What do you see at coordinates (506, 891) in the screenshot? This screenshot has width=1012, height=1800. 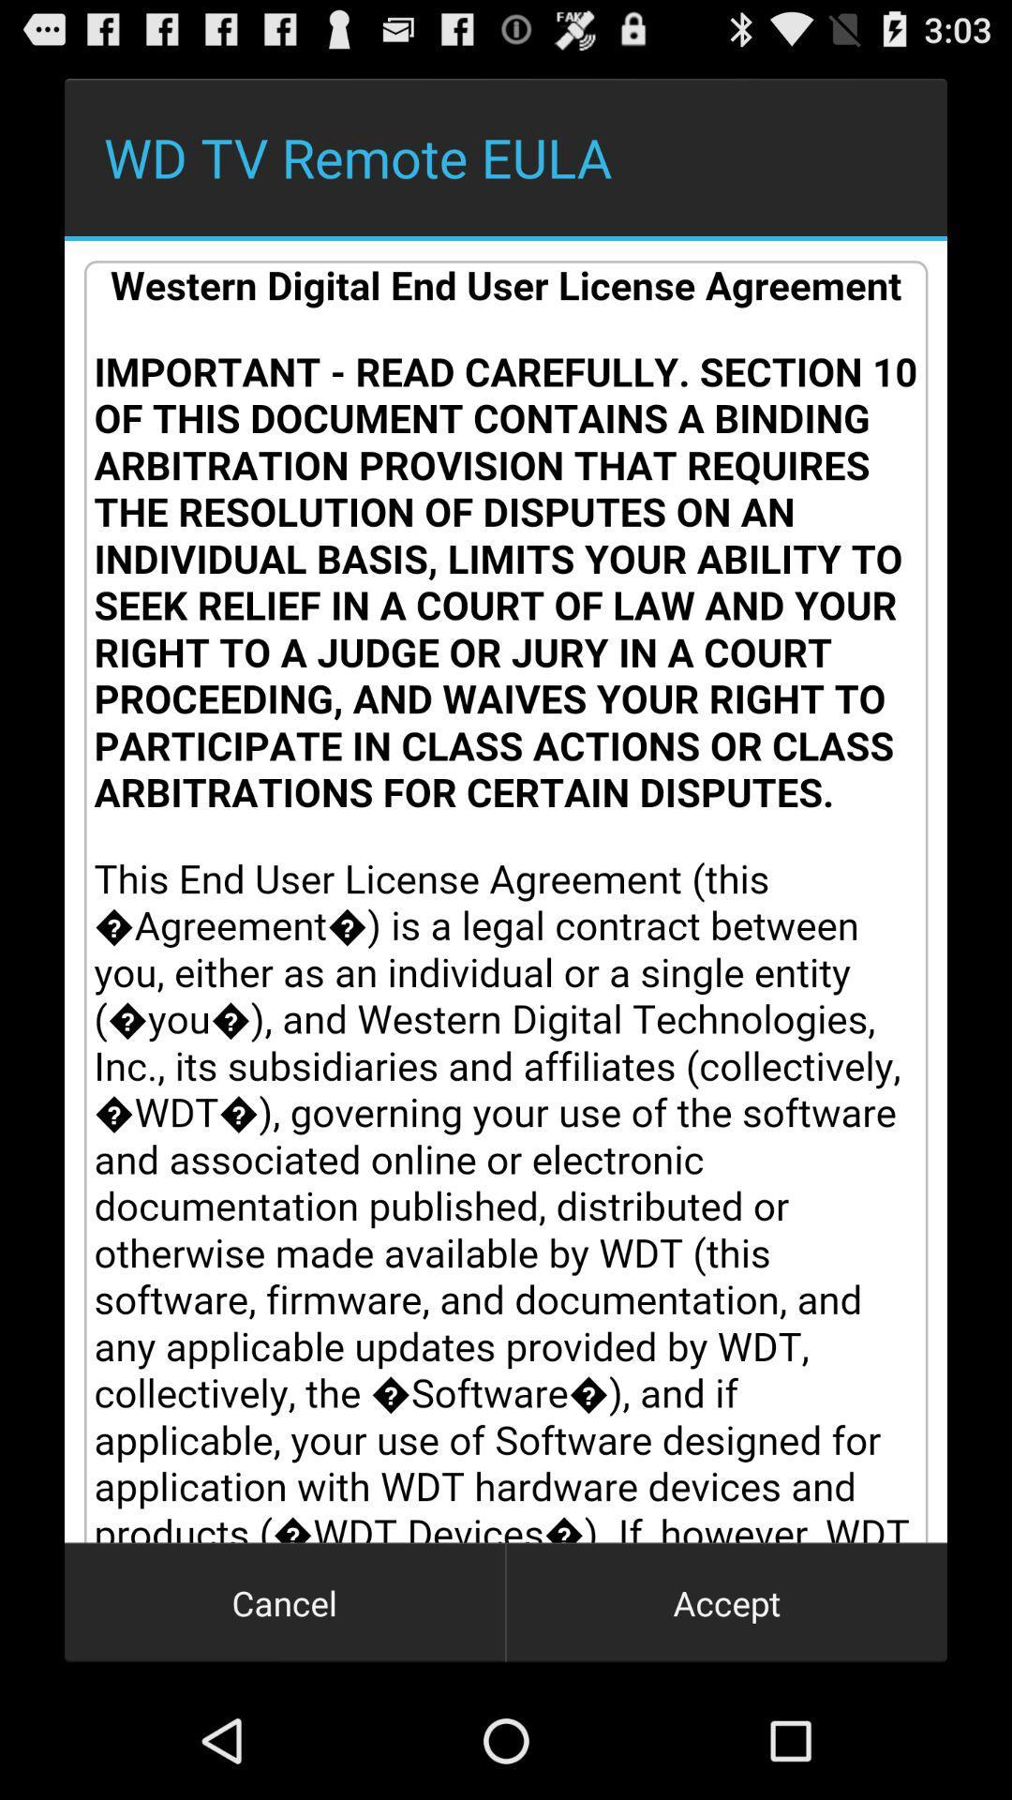 I see `agreement` at bounding box center [506, 891].